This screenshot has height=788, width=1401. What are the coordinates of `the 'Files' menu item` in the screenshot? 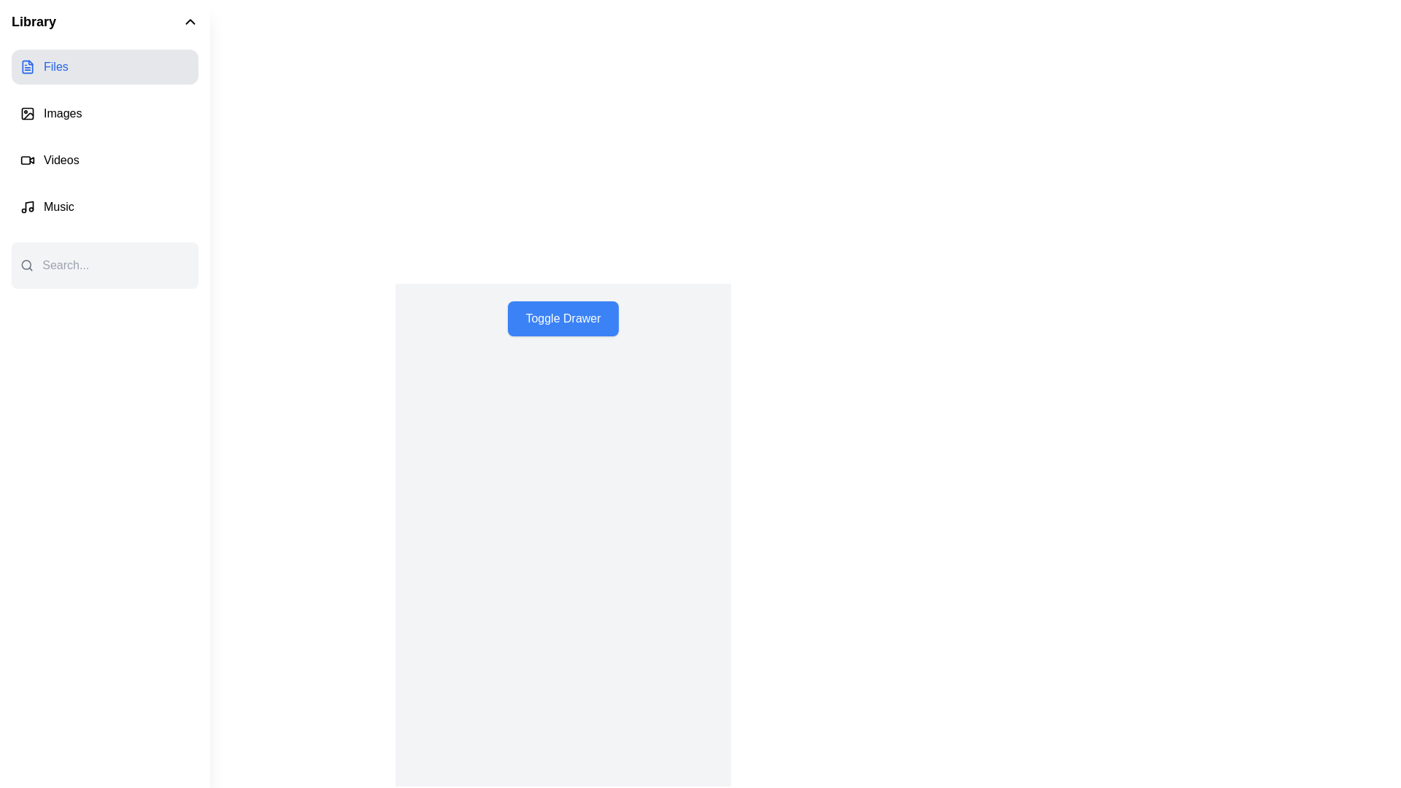 It's located at (104, 67).